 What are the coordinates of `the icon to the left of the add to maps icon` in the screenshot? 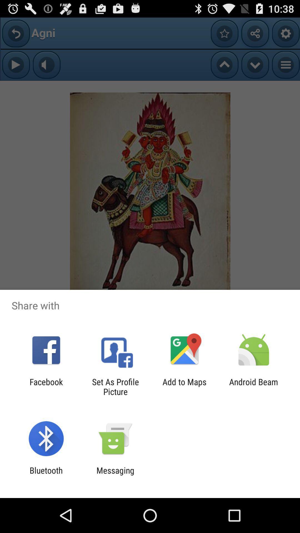 It's located at (115, 386).